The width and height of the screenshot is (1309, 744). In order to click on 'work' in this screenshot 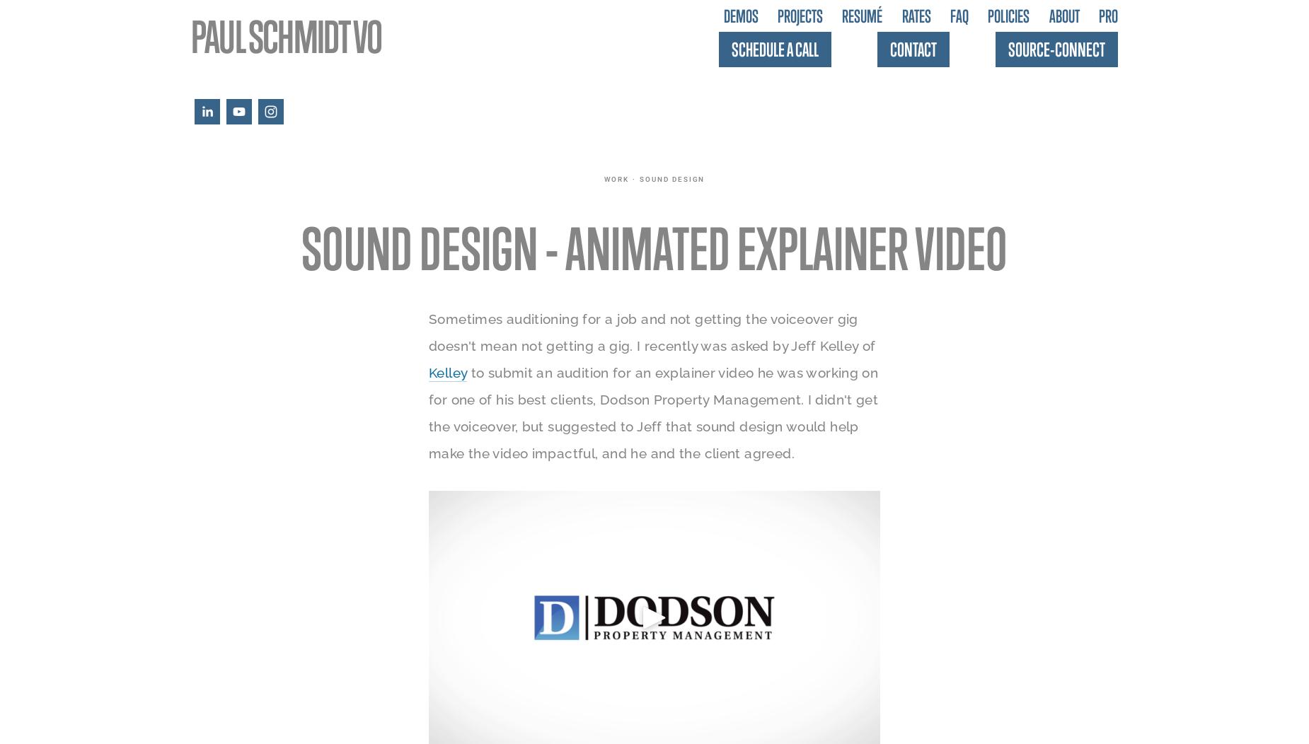, I will do `click(604, 178)`.